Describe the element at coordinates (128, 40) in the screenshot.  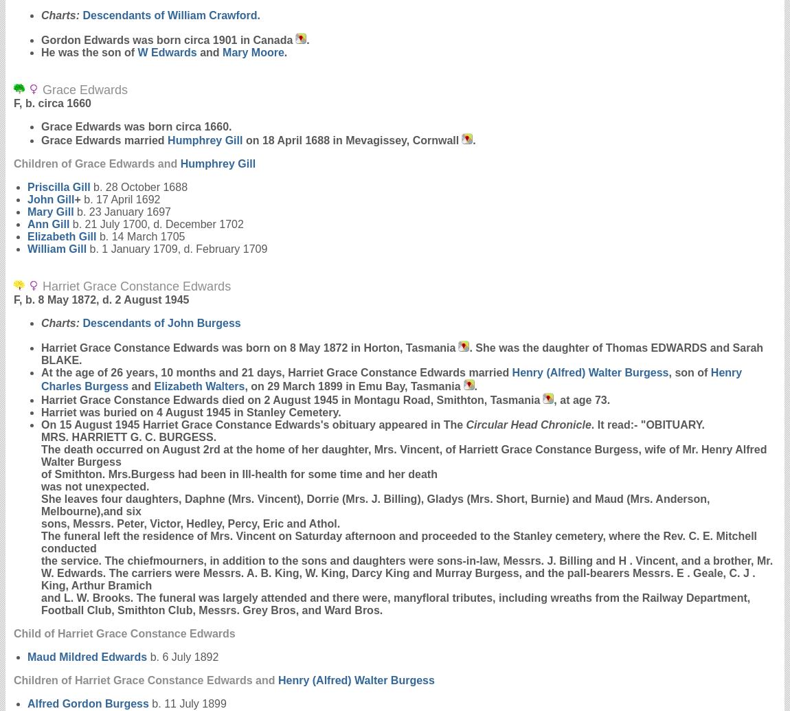
I see `'was born circa 1901 in Canada'` at that location.